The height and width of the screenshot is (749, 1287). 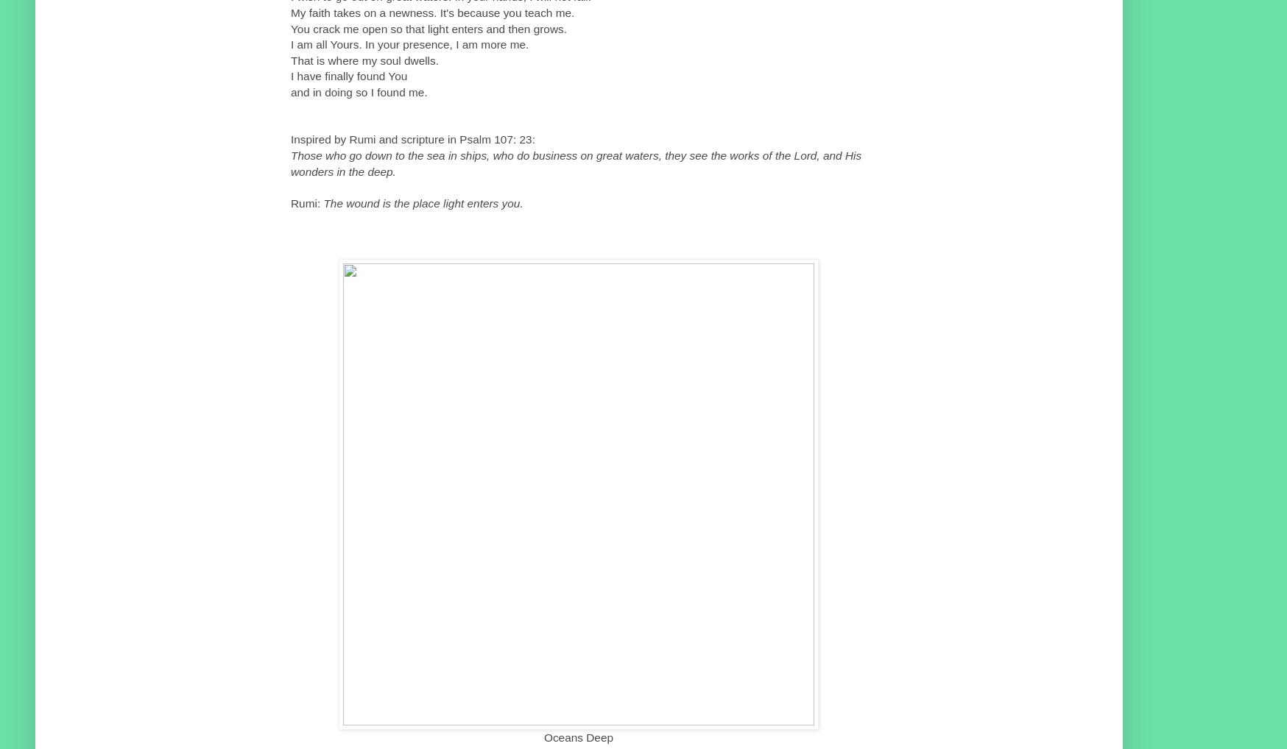 What do you see at coordinates (577, 736) in the screenshot?
I see `'Oceans Deep'` at bounding box center [577, 736].